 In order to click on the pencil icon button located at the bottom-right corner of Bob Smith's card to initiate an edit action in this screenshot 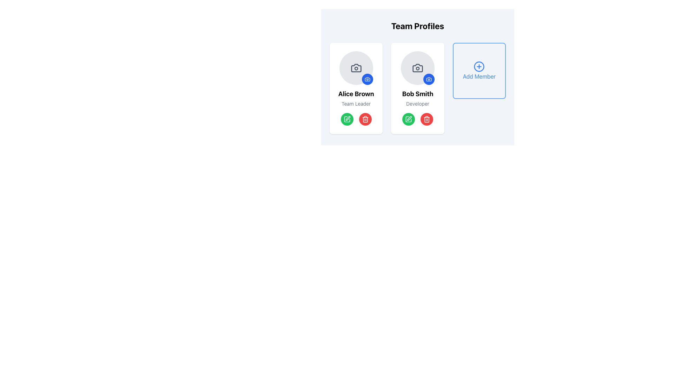, I will do `click(348, 118)`.